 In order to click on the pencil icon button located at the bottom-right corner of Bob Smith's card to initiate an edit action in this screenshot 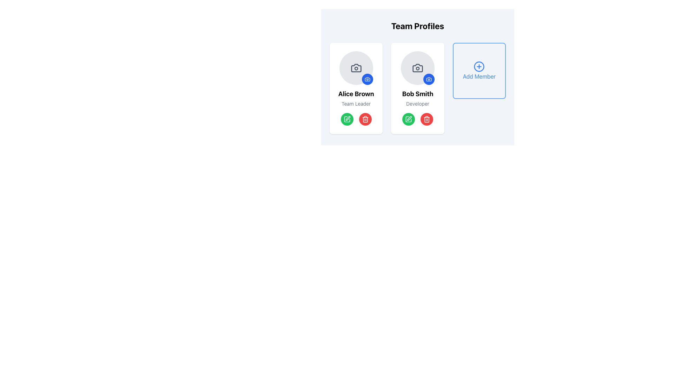, I will do `click(348, 118)`.